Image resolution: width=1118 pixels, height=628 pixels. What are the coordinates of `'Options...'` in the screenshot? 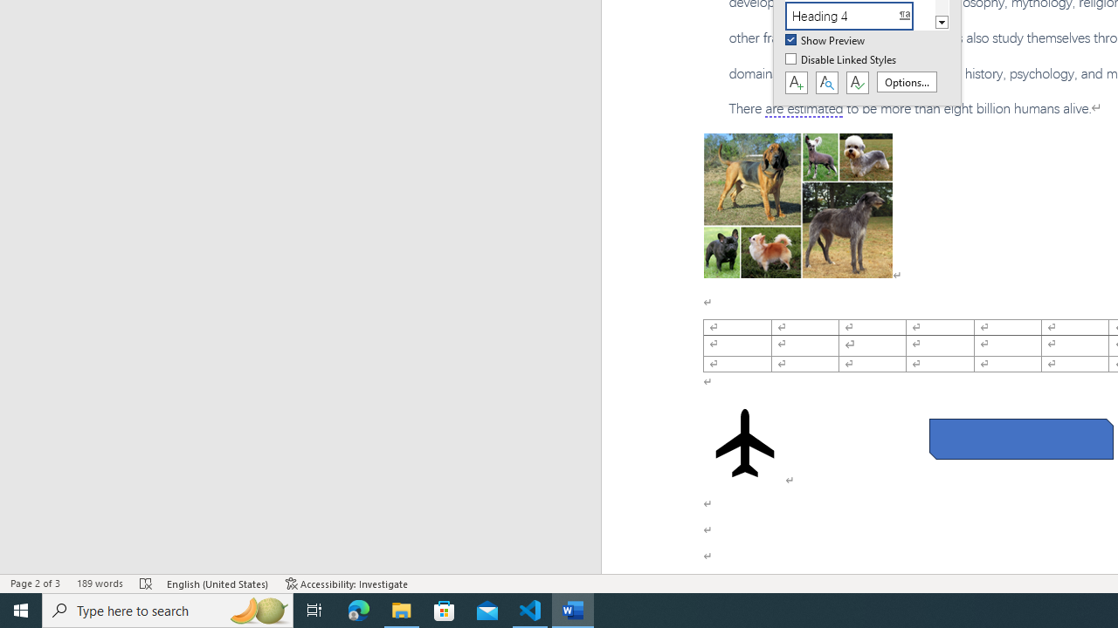 It's located at (907, 81).